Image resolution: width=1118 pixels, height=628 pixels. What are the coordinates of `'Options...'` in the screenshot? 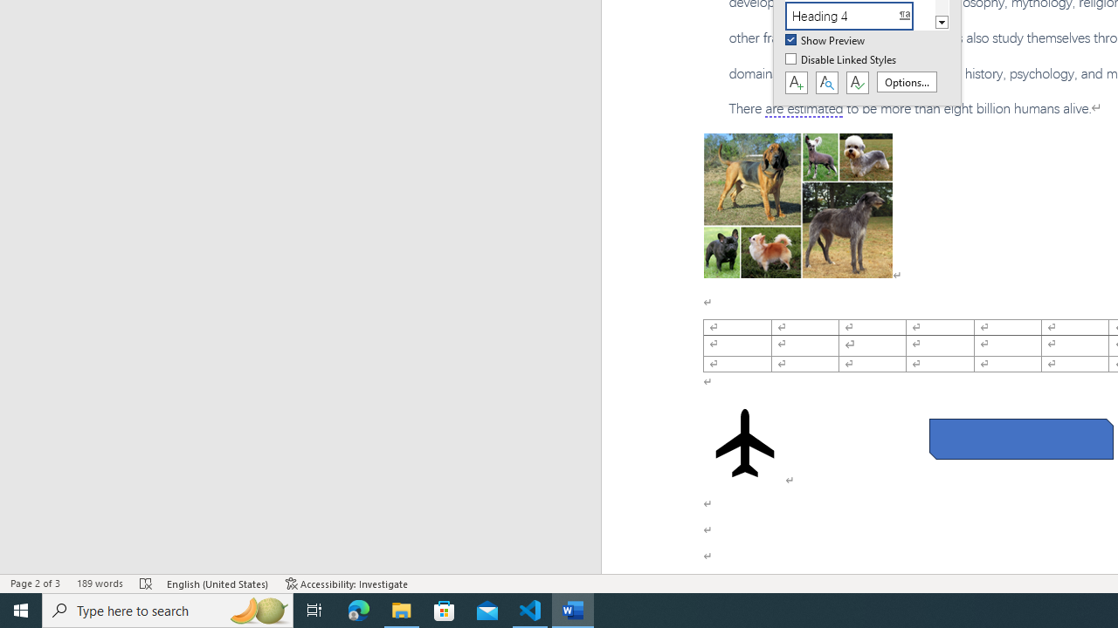 It's located at (907, 81).